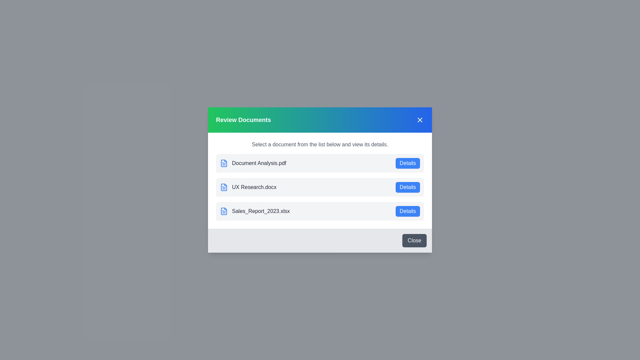  What do you see at coordinates (407, 187) in the screenshot?
I see `the 'Details' button for the document UX Research.docx` at bounding box center [407, 187].